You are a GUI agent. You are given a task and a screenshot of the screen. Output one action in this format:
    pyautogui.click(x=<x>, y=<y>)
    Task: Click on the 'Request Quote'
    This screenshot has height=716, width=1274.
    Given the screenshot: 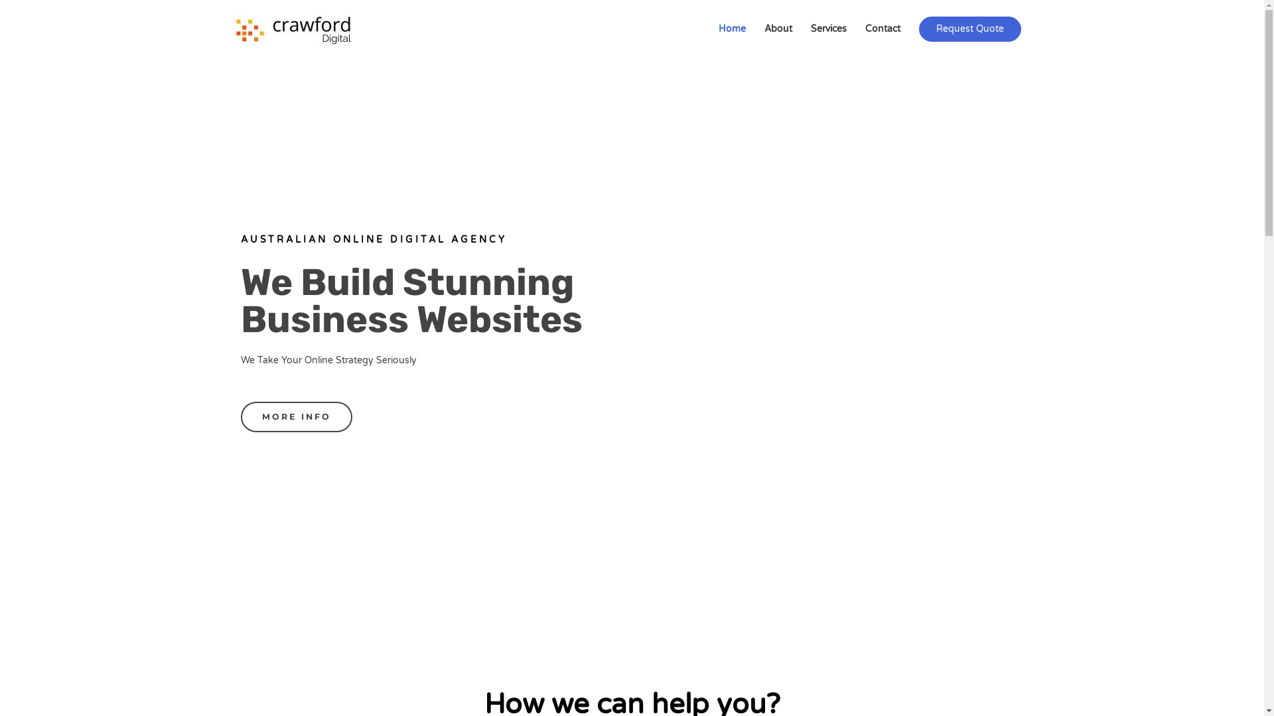 What is the action you would take?
    pyautogui.click(x=917, y=29)
    